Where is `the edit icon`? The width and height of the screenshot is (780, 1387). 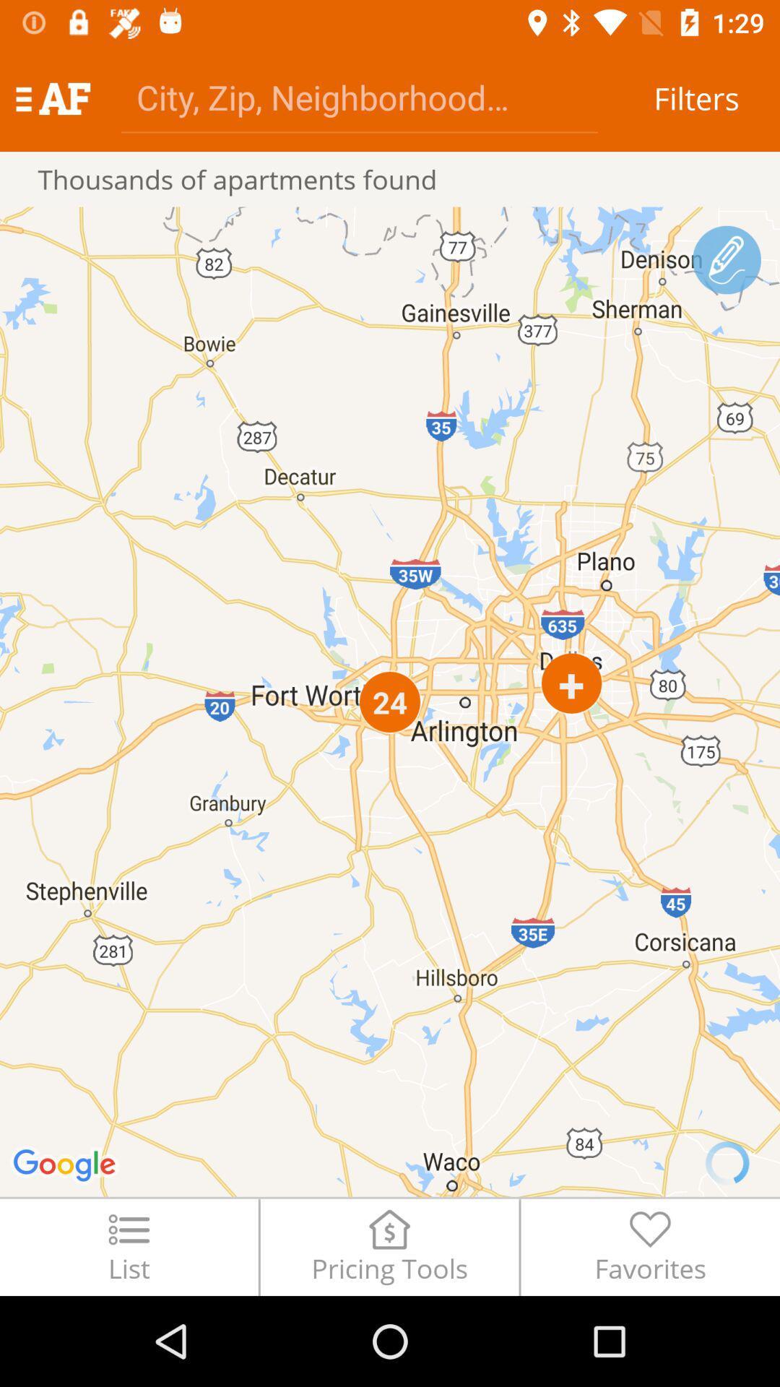
the edit icon is located at coordinates (727, 260).